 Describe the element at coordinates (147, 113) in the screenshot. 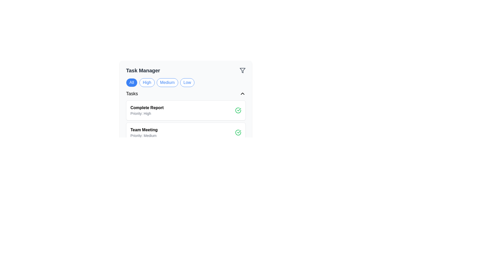

I see `the 'Priority: High' text label, which is displayed in gray and located below the title 'Complete Report' in the task tile` at that location.